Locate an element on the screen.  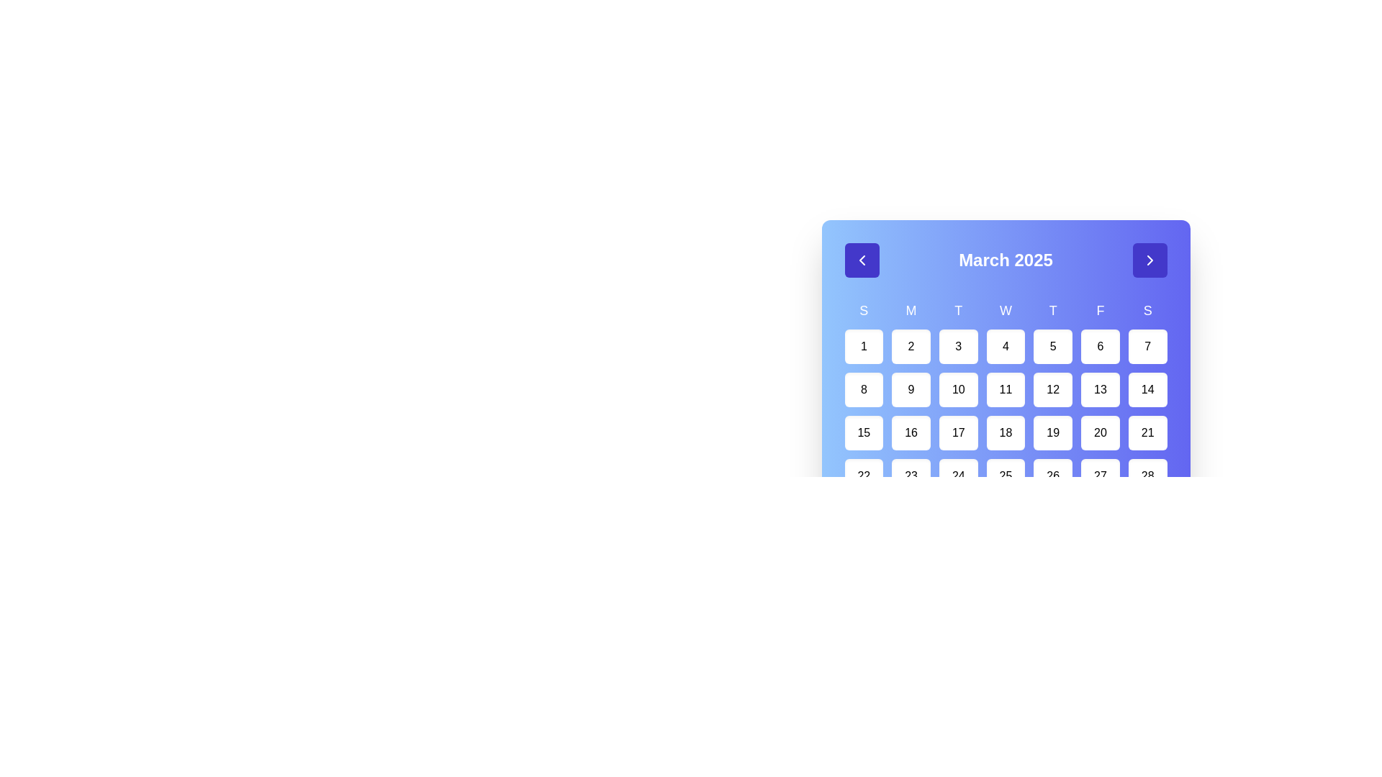
the square-shaped button with a white background displaying the number '18' in black font, located in the fifth row and fourth column of the calendar interface is located at coordinates (1005, 432).